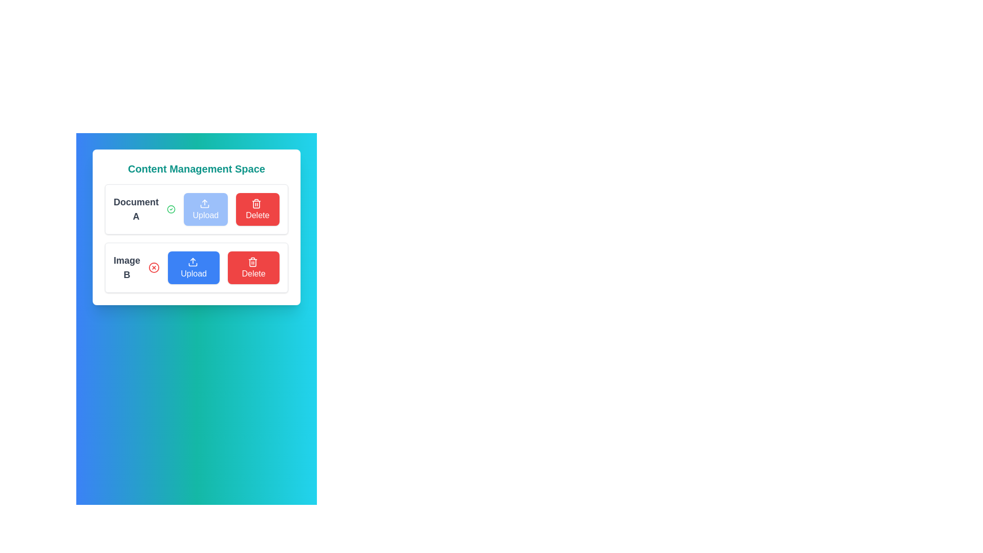  What do you see at coordinates (154, 267) in the screenshot?
I see `the Decorative icon component, which is a circular shape with a red border, located next to the label 'Image B' in the content management interface` at bounding box center [154, 267].